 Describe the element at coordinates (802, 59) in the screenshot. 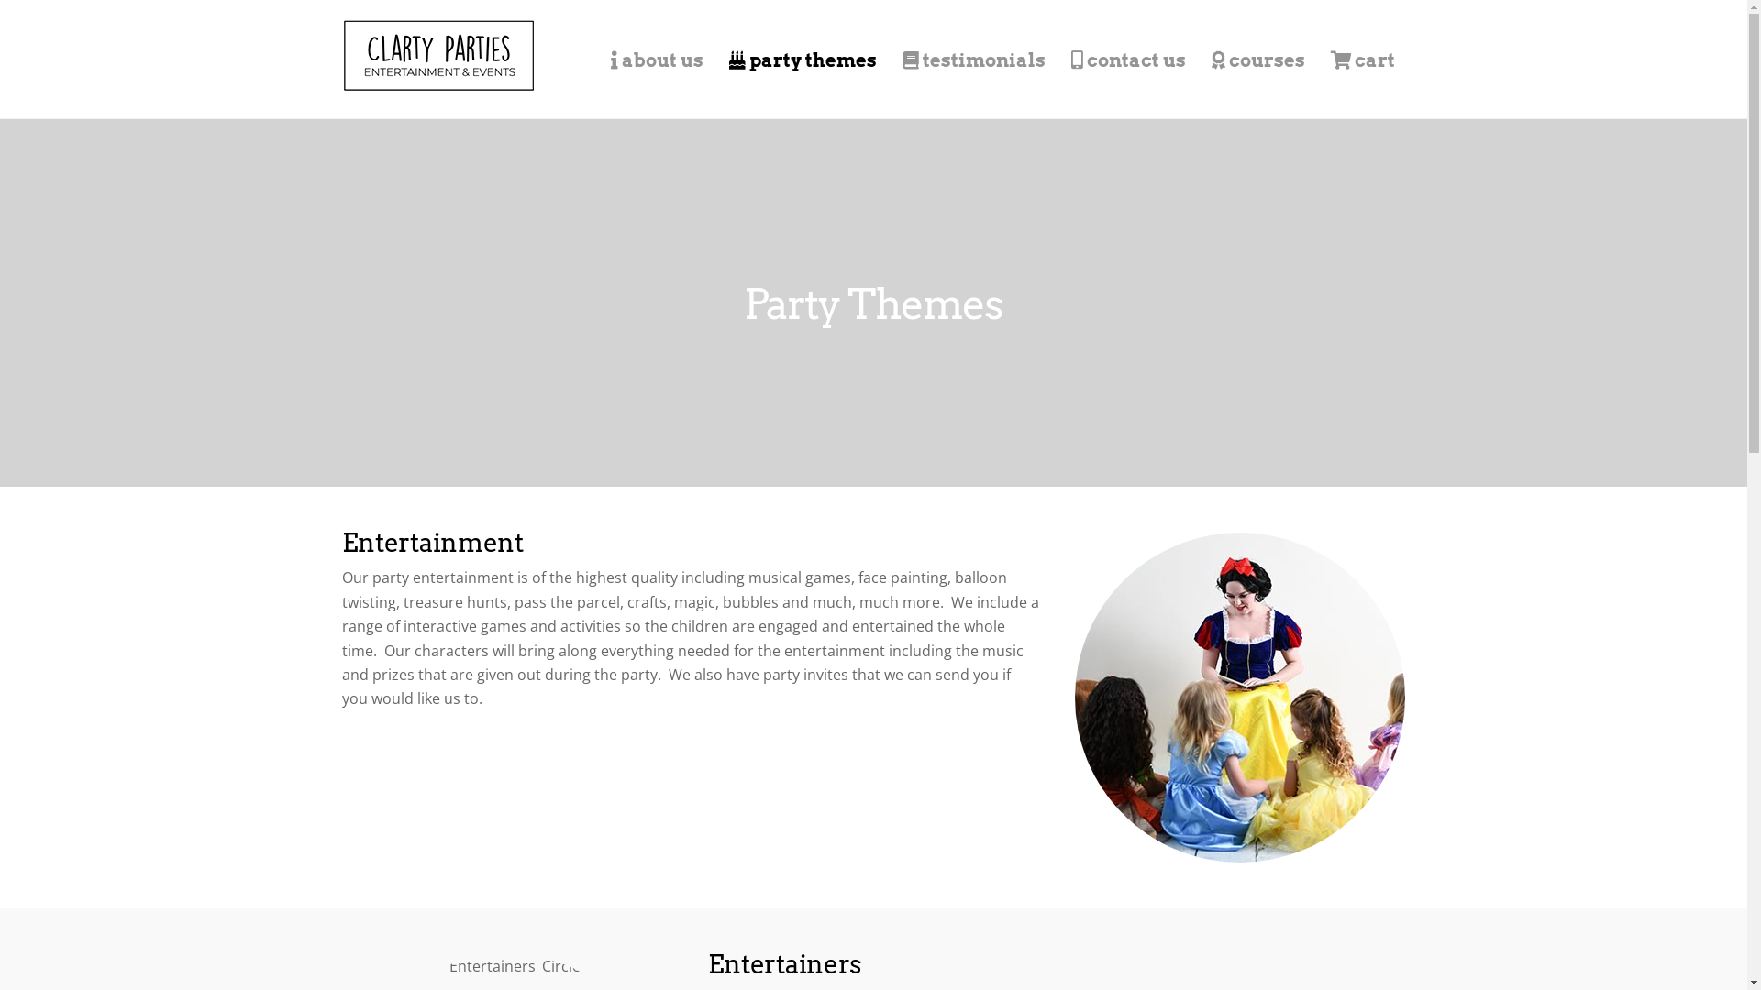

I see `'party themes'` at that location.